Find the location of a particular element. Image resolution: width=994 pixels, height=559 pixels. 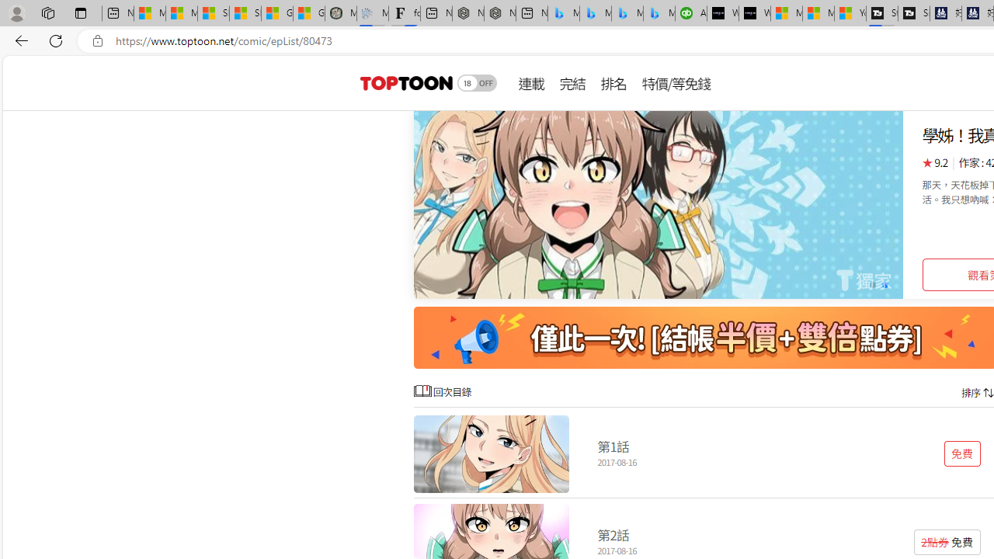

'Manatee Mortality Statistics | FWC' is located at coordinates (340, 13).